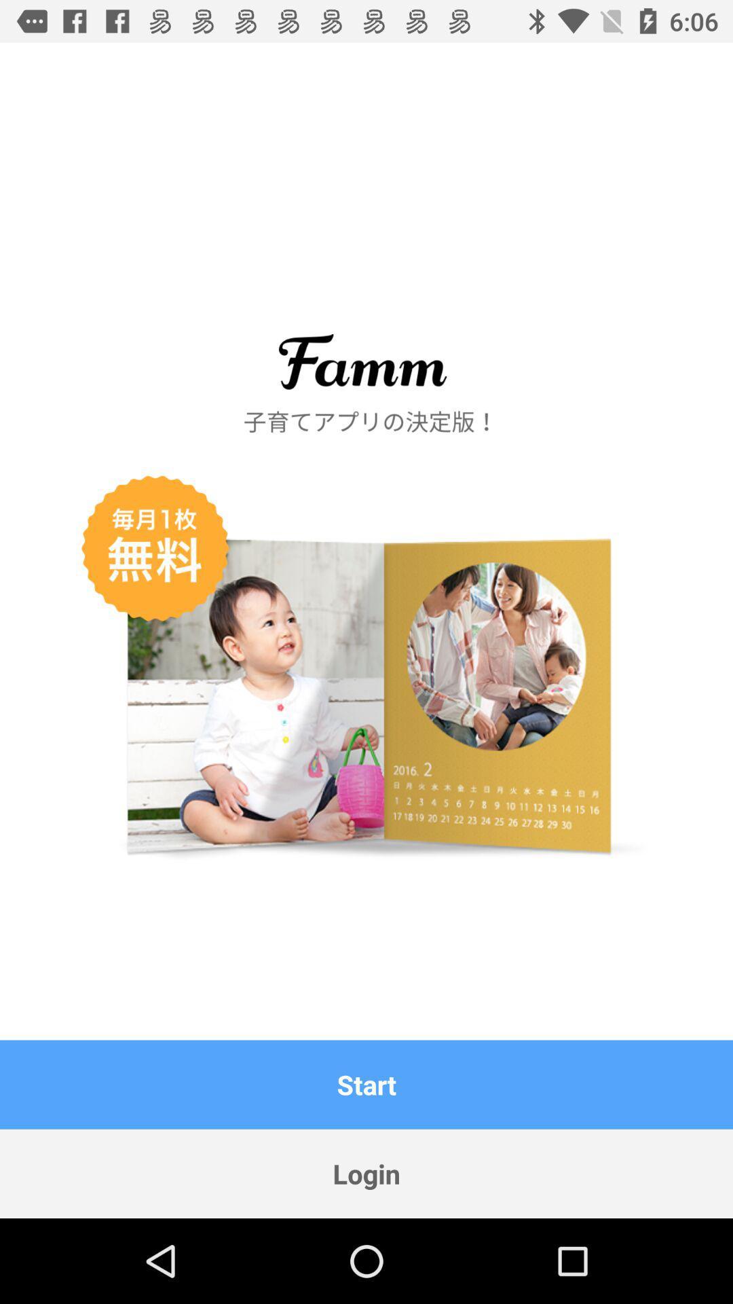 Image resolution: width=733 pixels, height=1304 pixels. Describe the element at coordinates (366, 1084) in the screenshot. I see `the start` at that location.